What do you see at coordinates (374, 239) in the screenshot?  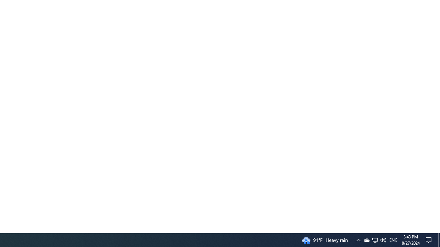 I see `'User Promoted Notification Area'` at bounding box center [374, 239].